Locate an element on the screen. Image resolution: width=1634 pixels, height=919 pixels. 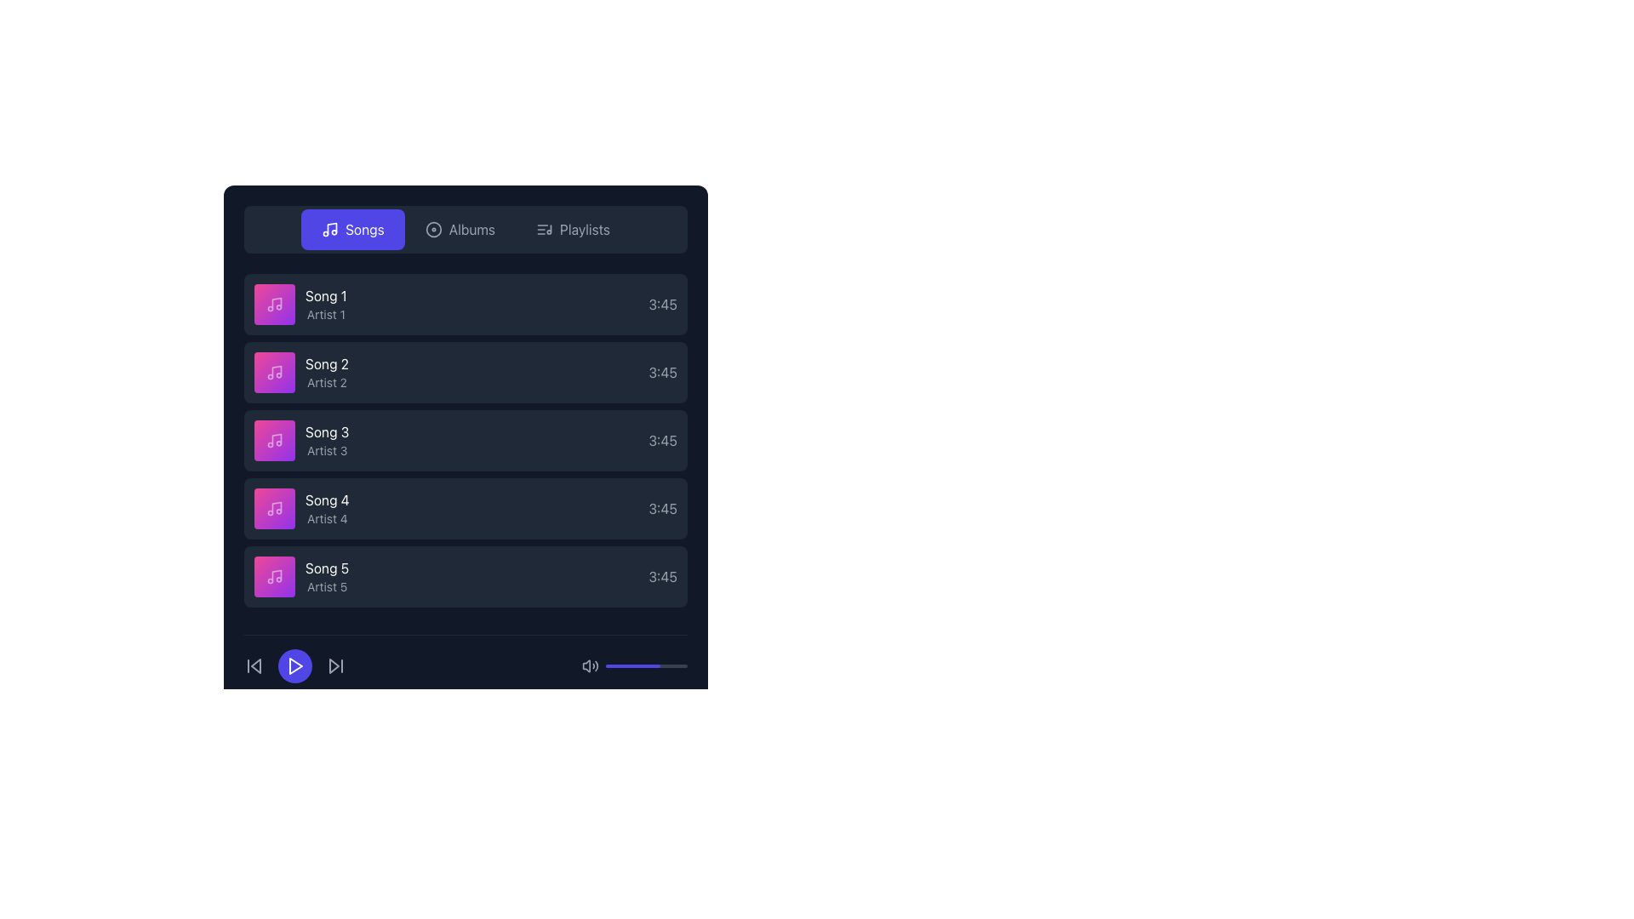
on the song entry in the list representing a song, located fourth from the top, between 'Song 3' and 'Song 5' is located at coordinates (301, 507).